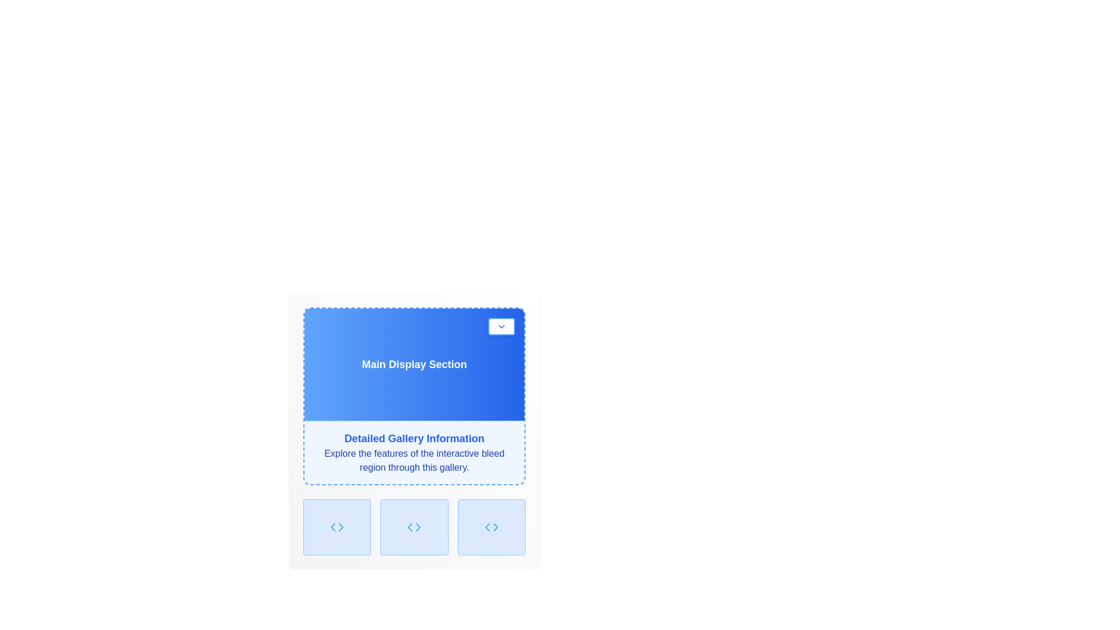 This screenshot has width=1120, height=630. What do you see at coordinates (414, 431) in the screenshot?
I see `text content of the informational text block located below the 'Main Display Section' header and above a row of three square buttons` at bounding box center [414, 431].